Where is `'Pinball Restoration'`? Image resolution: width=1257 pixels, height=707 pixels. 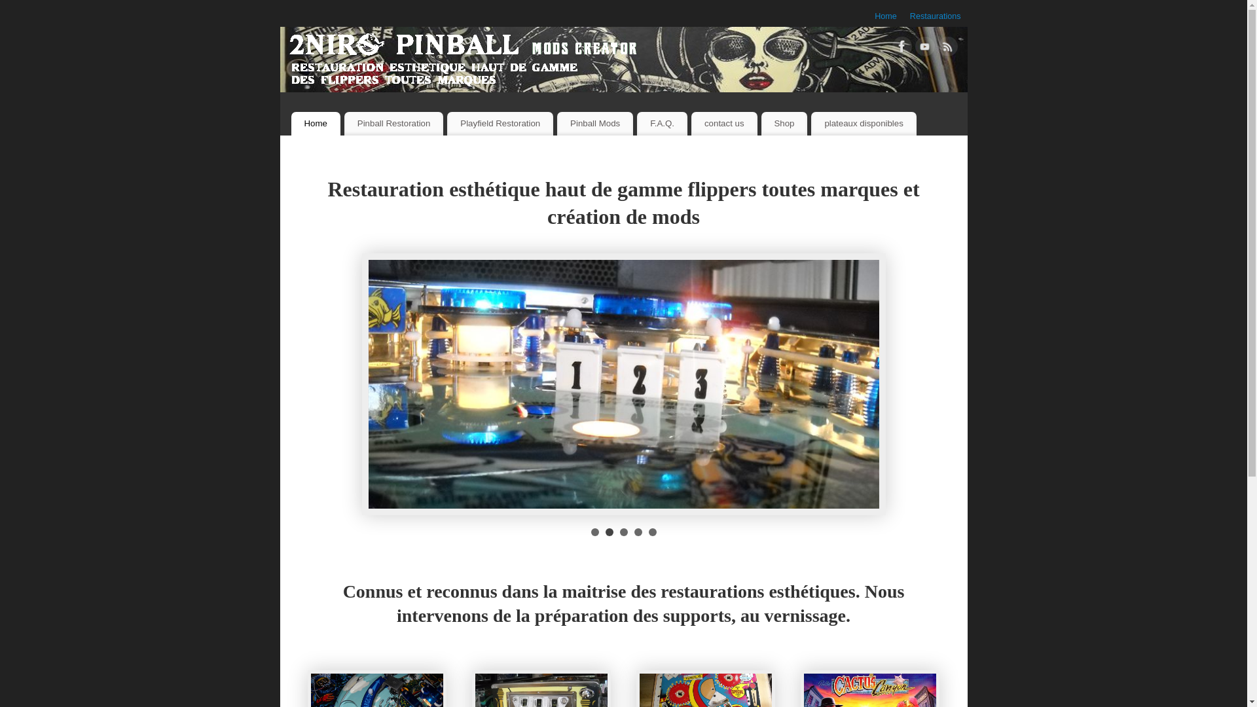 'Pinball Restoration' is located at coordinates (393, 124).